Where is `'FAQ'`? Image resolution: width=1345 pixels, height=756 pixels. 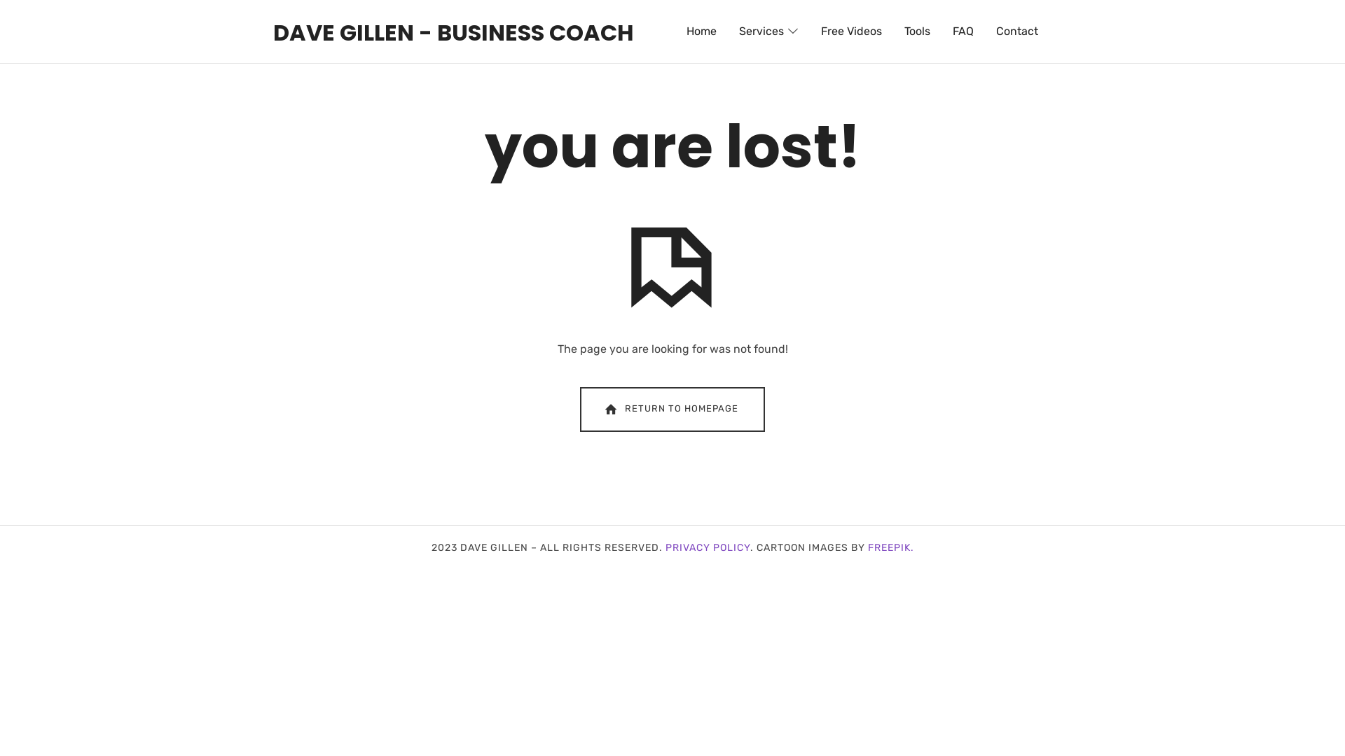
'FAQ' is located at coordinates (962, 31).